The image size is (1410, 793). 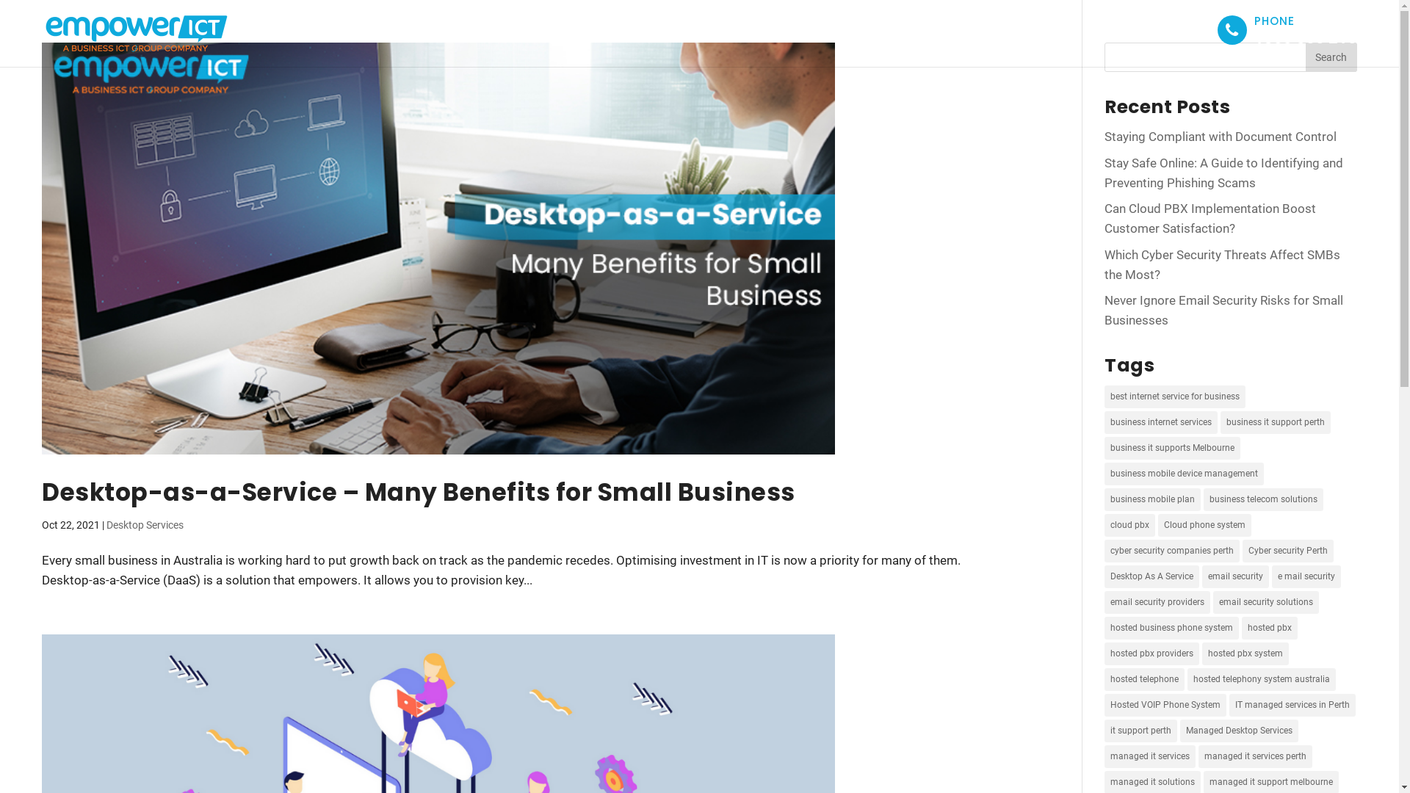 What do you see at coordinates (1171, 447) in the screenshot?
I see `'business it supports Melbourne'` at bounding box center [1171, 447].